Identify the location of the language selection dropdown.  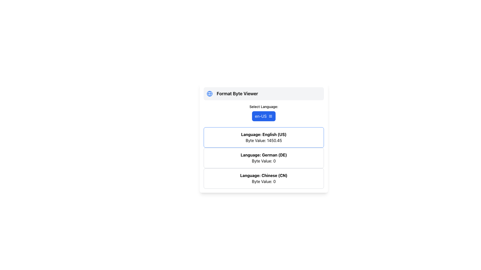
(263, 113).